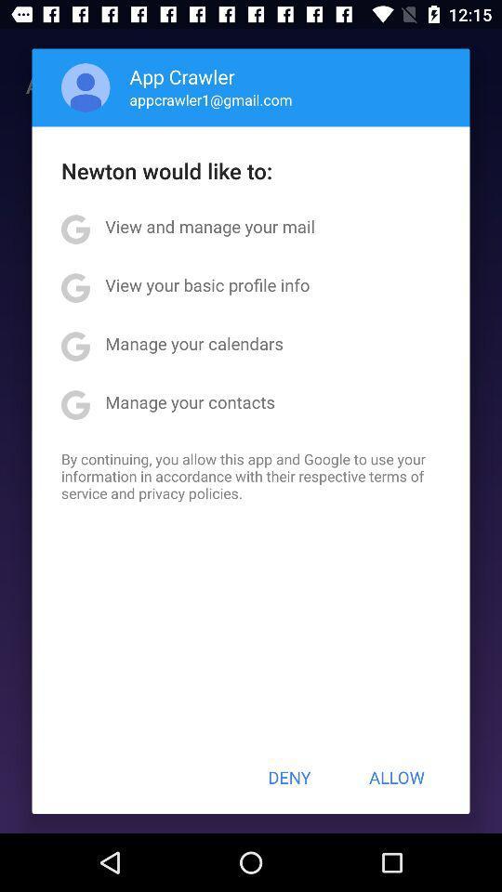 The width and height of the screenshot is (502, 892). Describe the element at coordinates (209, 225) in the screenshot. I see `view and manage item` at that location.